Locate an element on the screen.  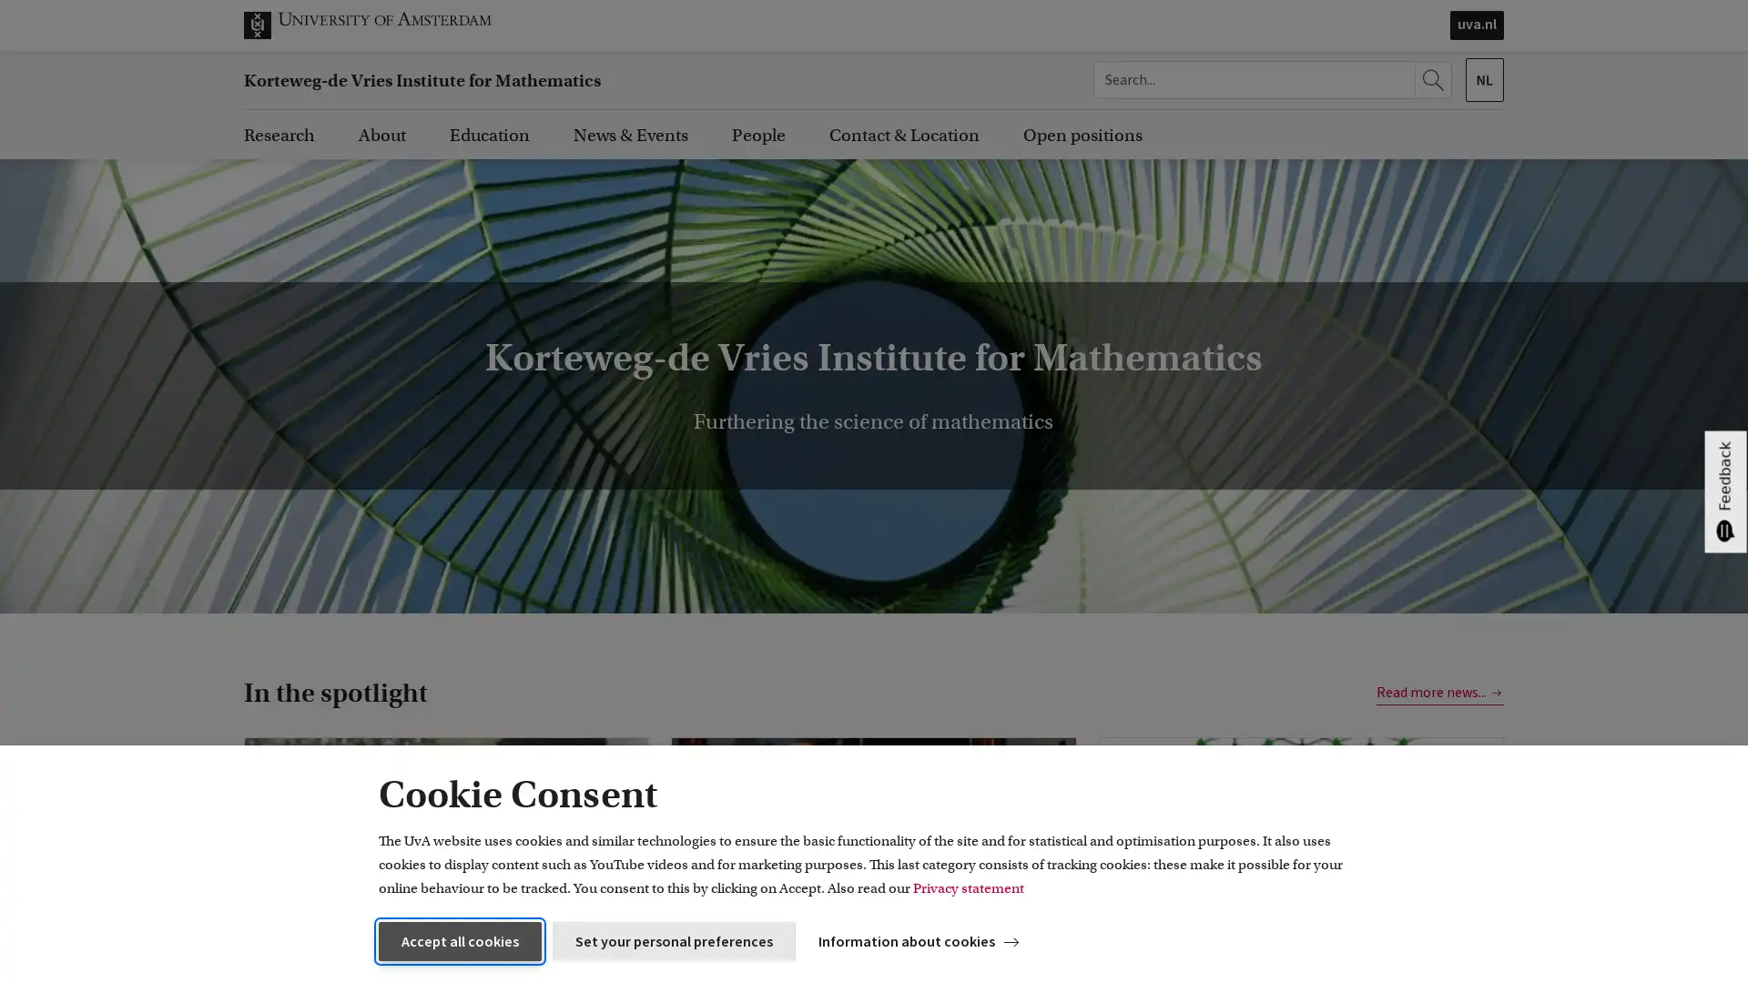
Feedback is located at coordinates (1724, 491).